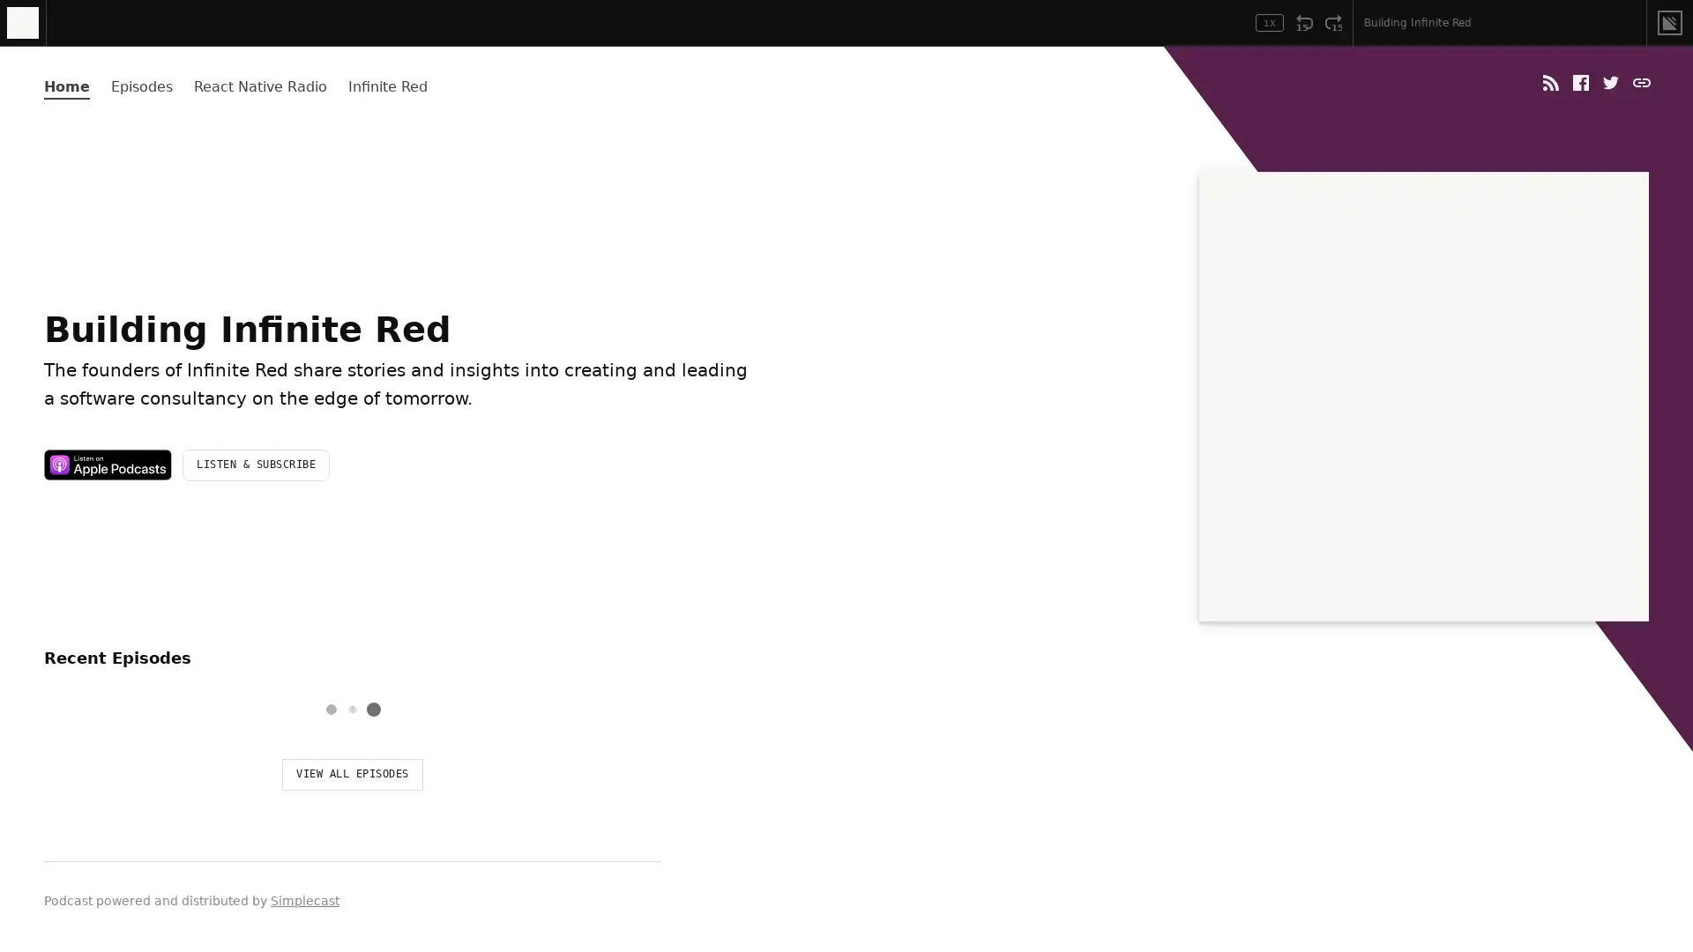 The image size is (1693, 952). I want to click on Fast Forward 15 Seconds, so click(1333, 23).